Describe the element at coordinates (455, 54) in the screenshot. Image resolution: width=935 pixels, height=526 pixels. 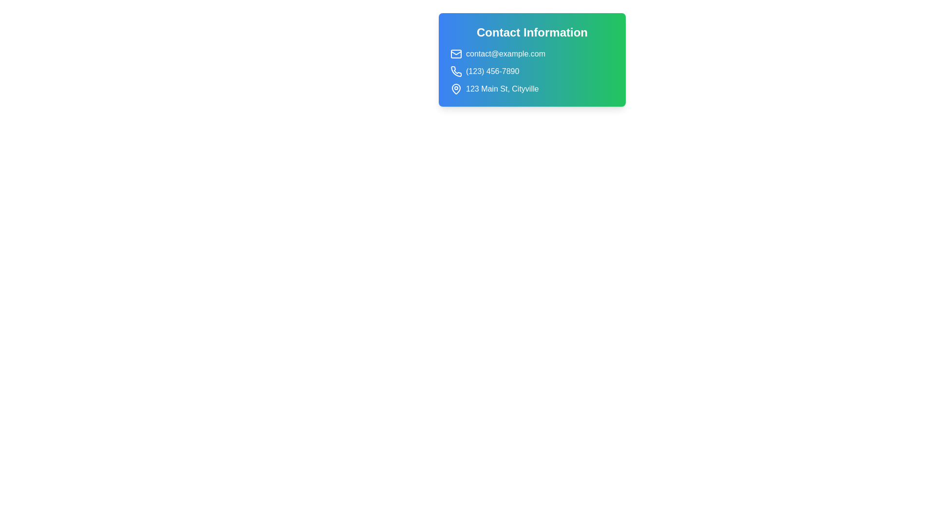
I see `the decorative rectangle that represents the main body of the envelope icon in the UI, which is centered within the vector graphic of the envelope` at that location.